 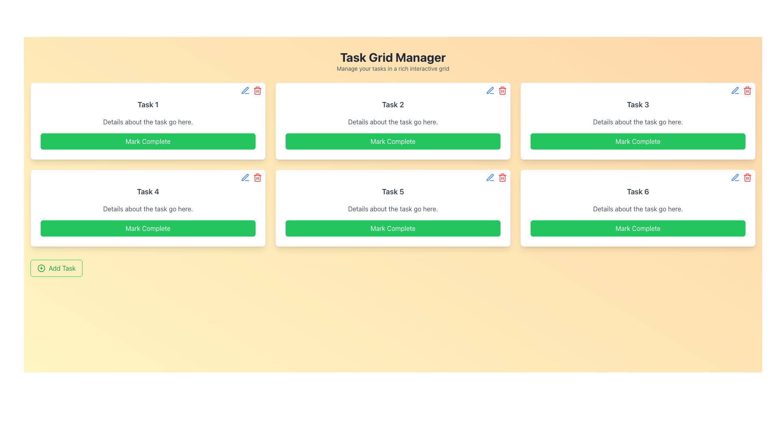 What do you see at coordinates (257, 177) in the screenshot?
I see `the delete icon button located in the top-right corner of the task card` at bounding box center [257, 177].